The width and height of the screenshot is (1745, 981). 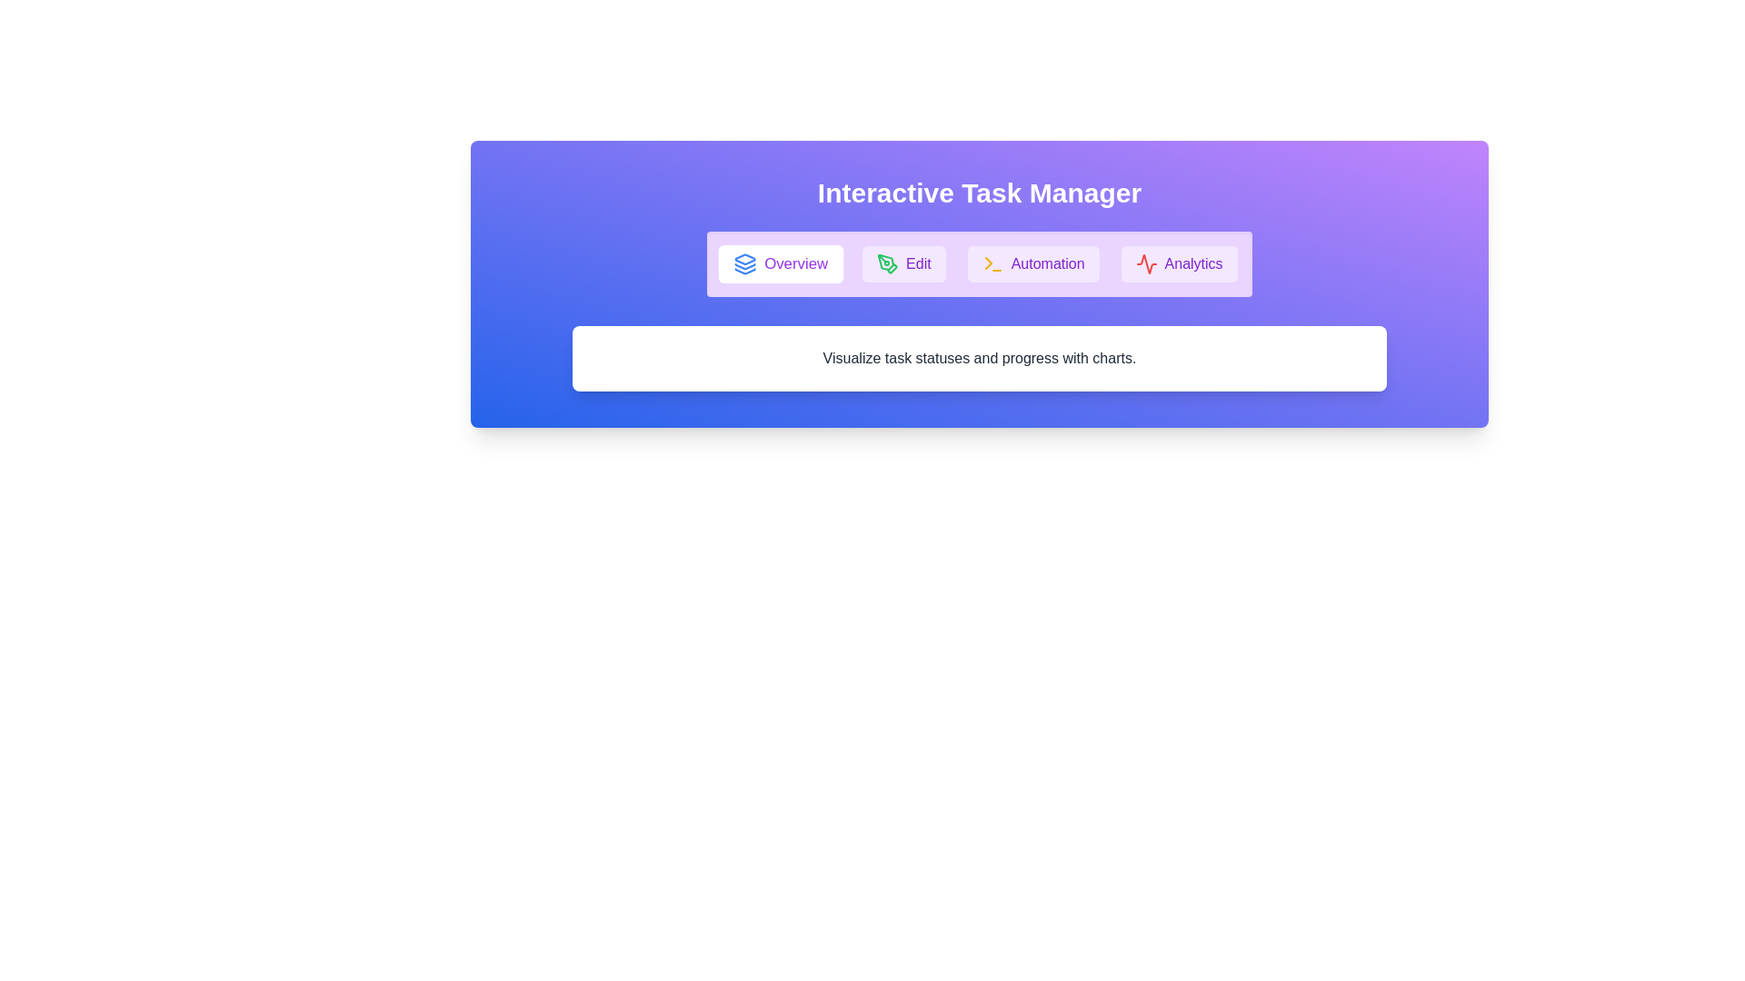 What do you see at coordinates (1033, 263) in the screenshot?
I see `the tab button labeled Automation` at bounding box center [1033, 263].